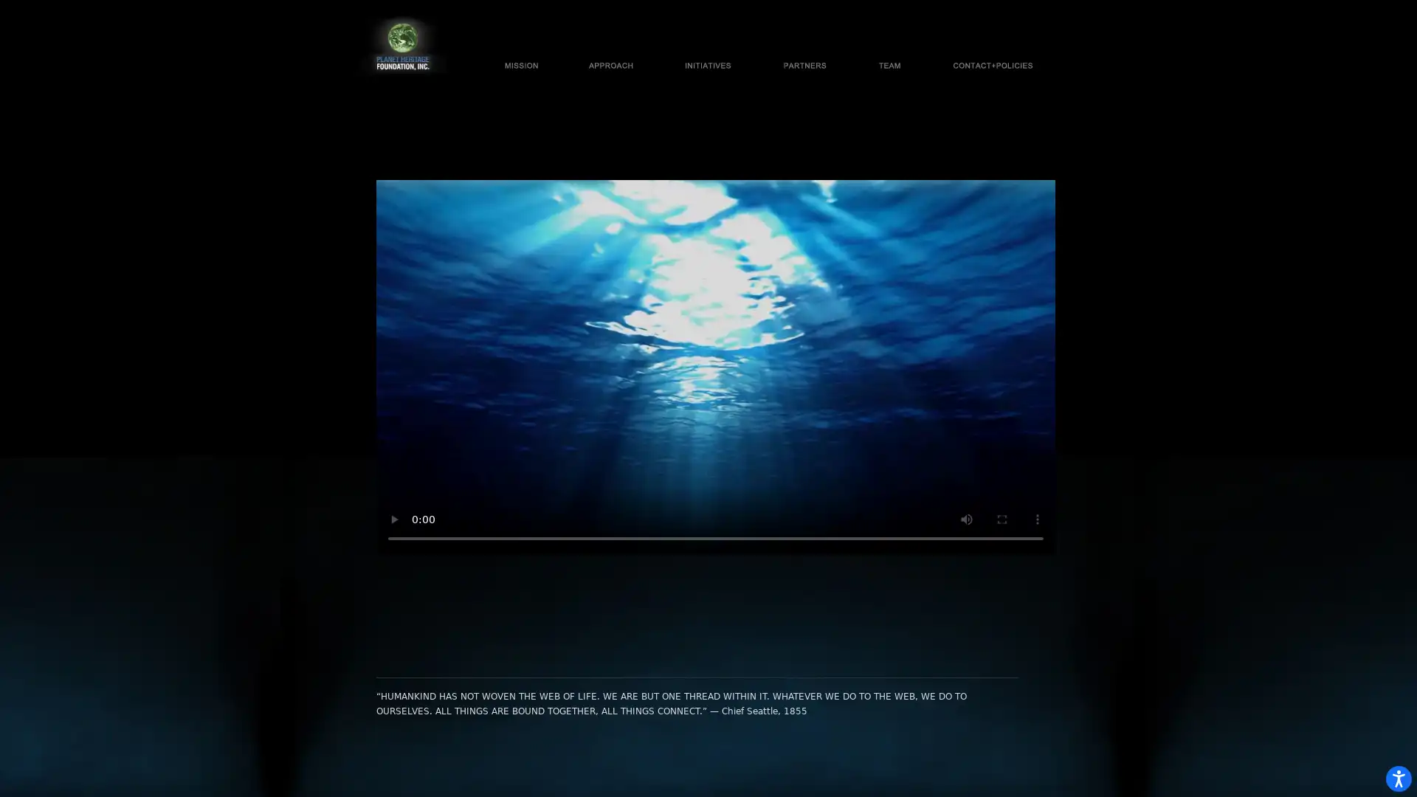 This screenshot has height=797, width=1417. I want to click on show more media controls, so click(1037, 517).